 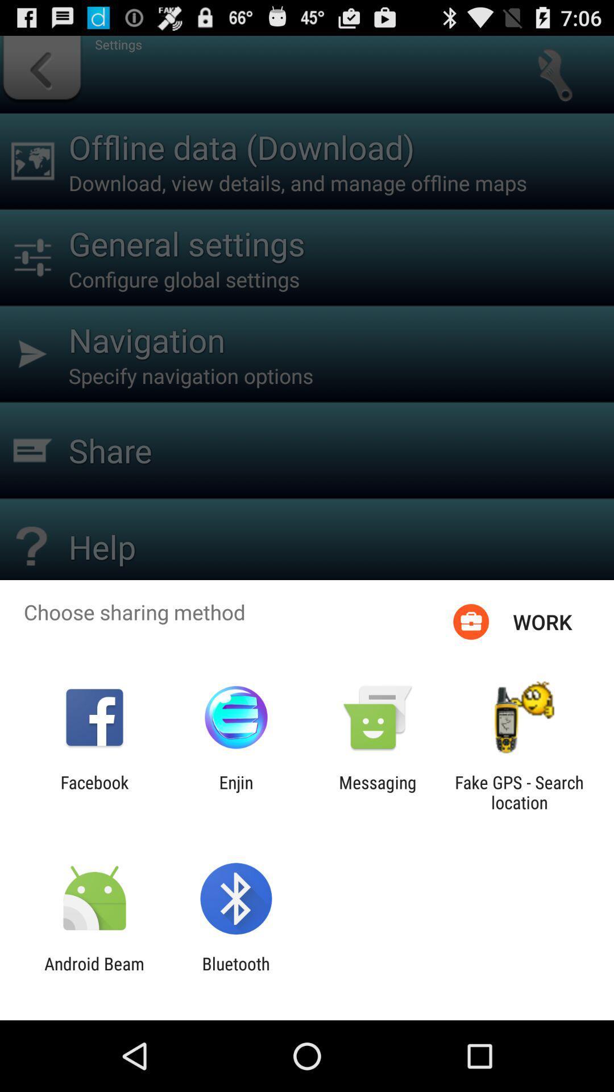 What do you see at coordinates (377, 792) in the screenshot?
I see `messaging icon` at bounding box center [377, 792].